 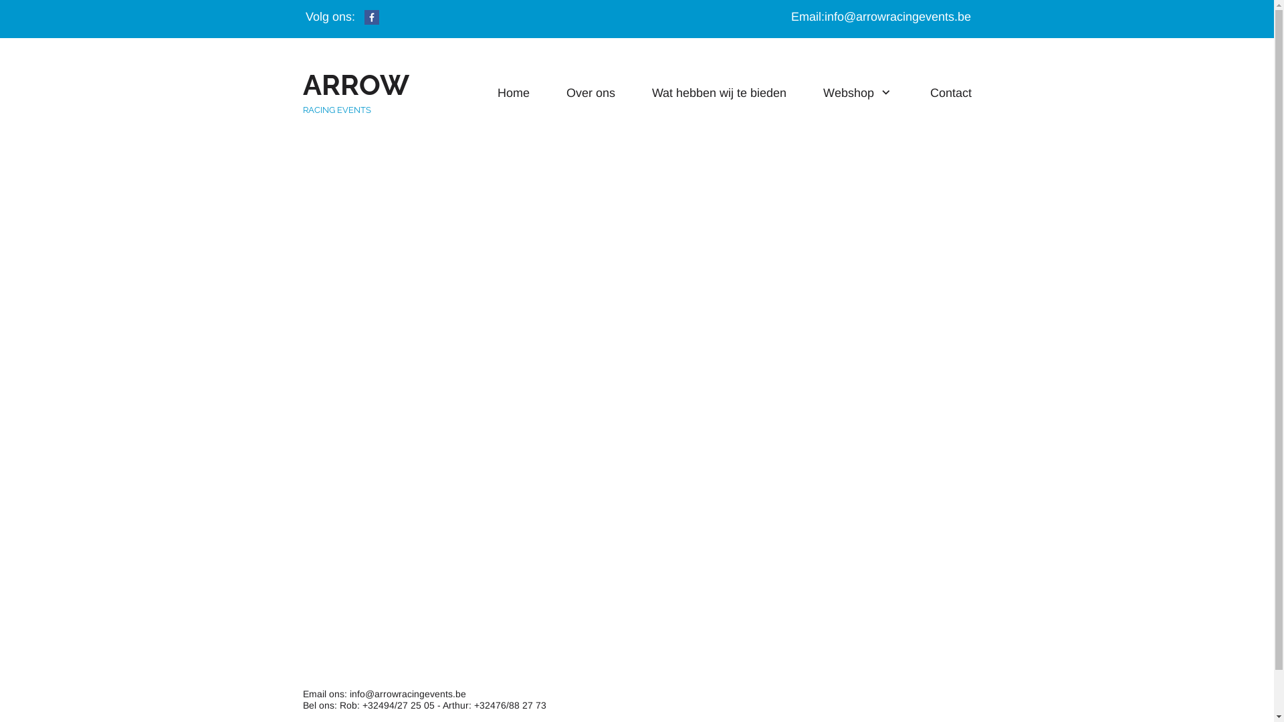 What do you see at coordinates (718, 92) in the screenshot?
I see `'Wat hebben wij te bieden'` at bounding box center [718, 92].